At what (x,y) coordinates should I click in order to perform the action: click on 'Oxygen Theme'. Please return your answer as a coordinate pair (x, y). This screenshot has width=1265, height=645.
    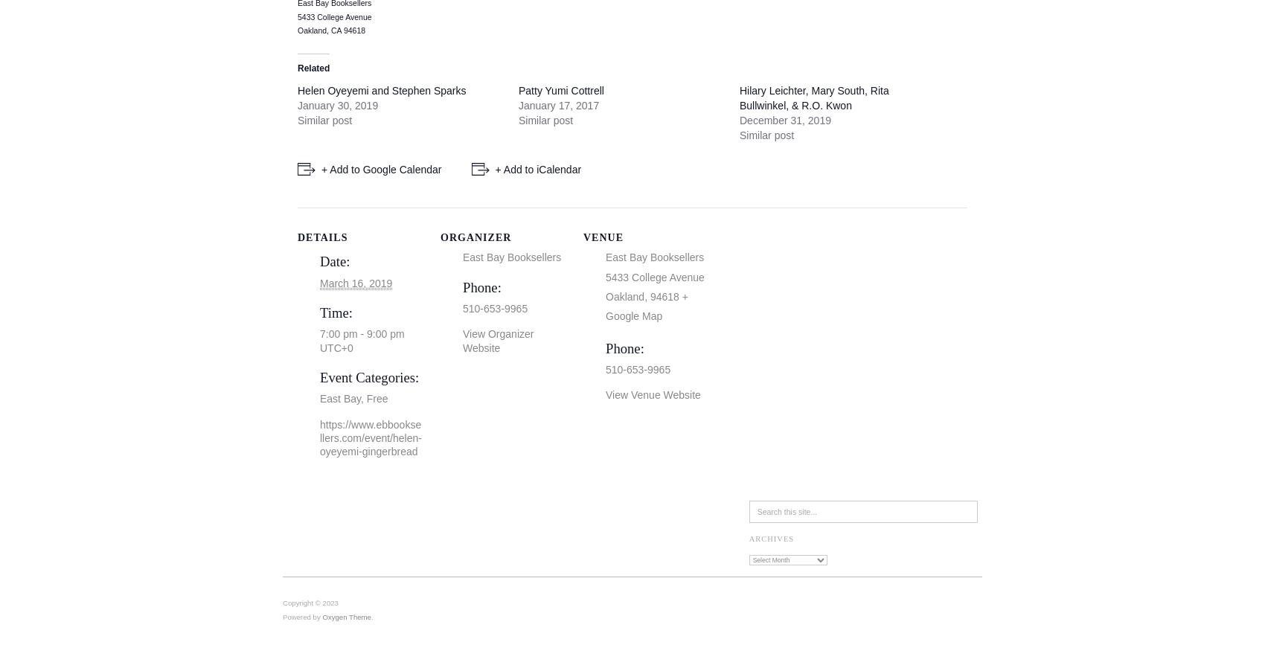
    Looking at the image, I should click on (346, 615).